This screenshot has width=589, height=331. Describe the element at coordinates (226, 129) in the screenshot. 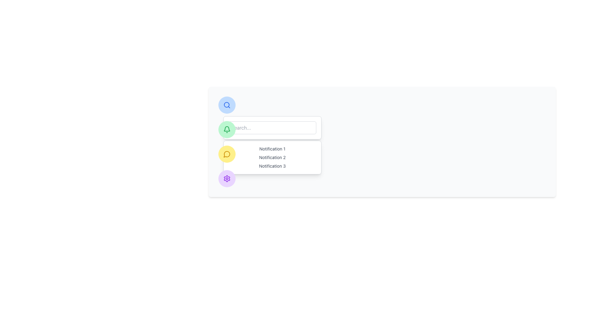

I see `the circular green button with a bell icon` at that location.